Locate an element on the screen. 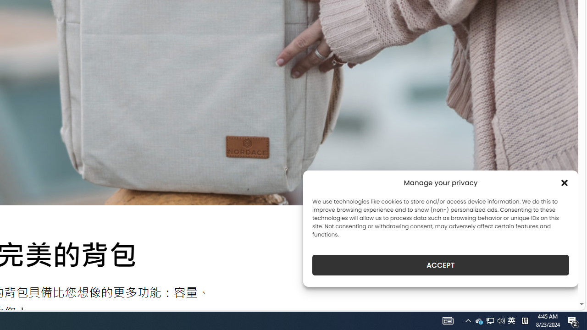 This screenshot has width=587, height=330. 'ACCEPT' is located at coordinates (441, 265).